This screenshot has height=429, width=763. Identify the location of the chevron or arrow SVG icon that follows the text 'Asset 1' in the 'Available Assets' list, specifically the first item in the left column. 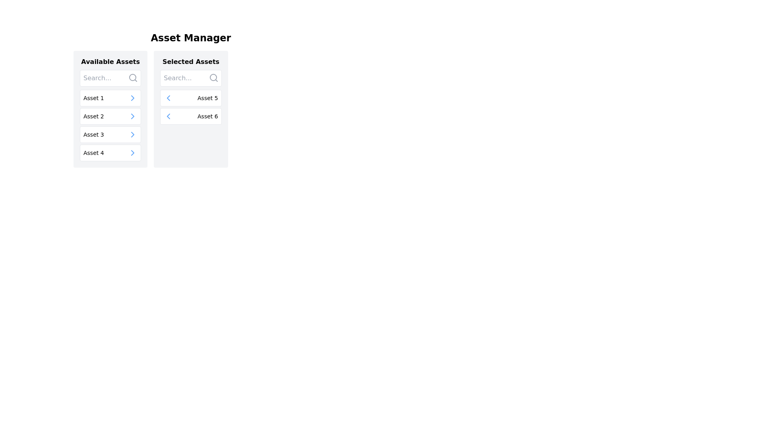
(133, 97).